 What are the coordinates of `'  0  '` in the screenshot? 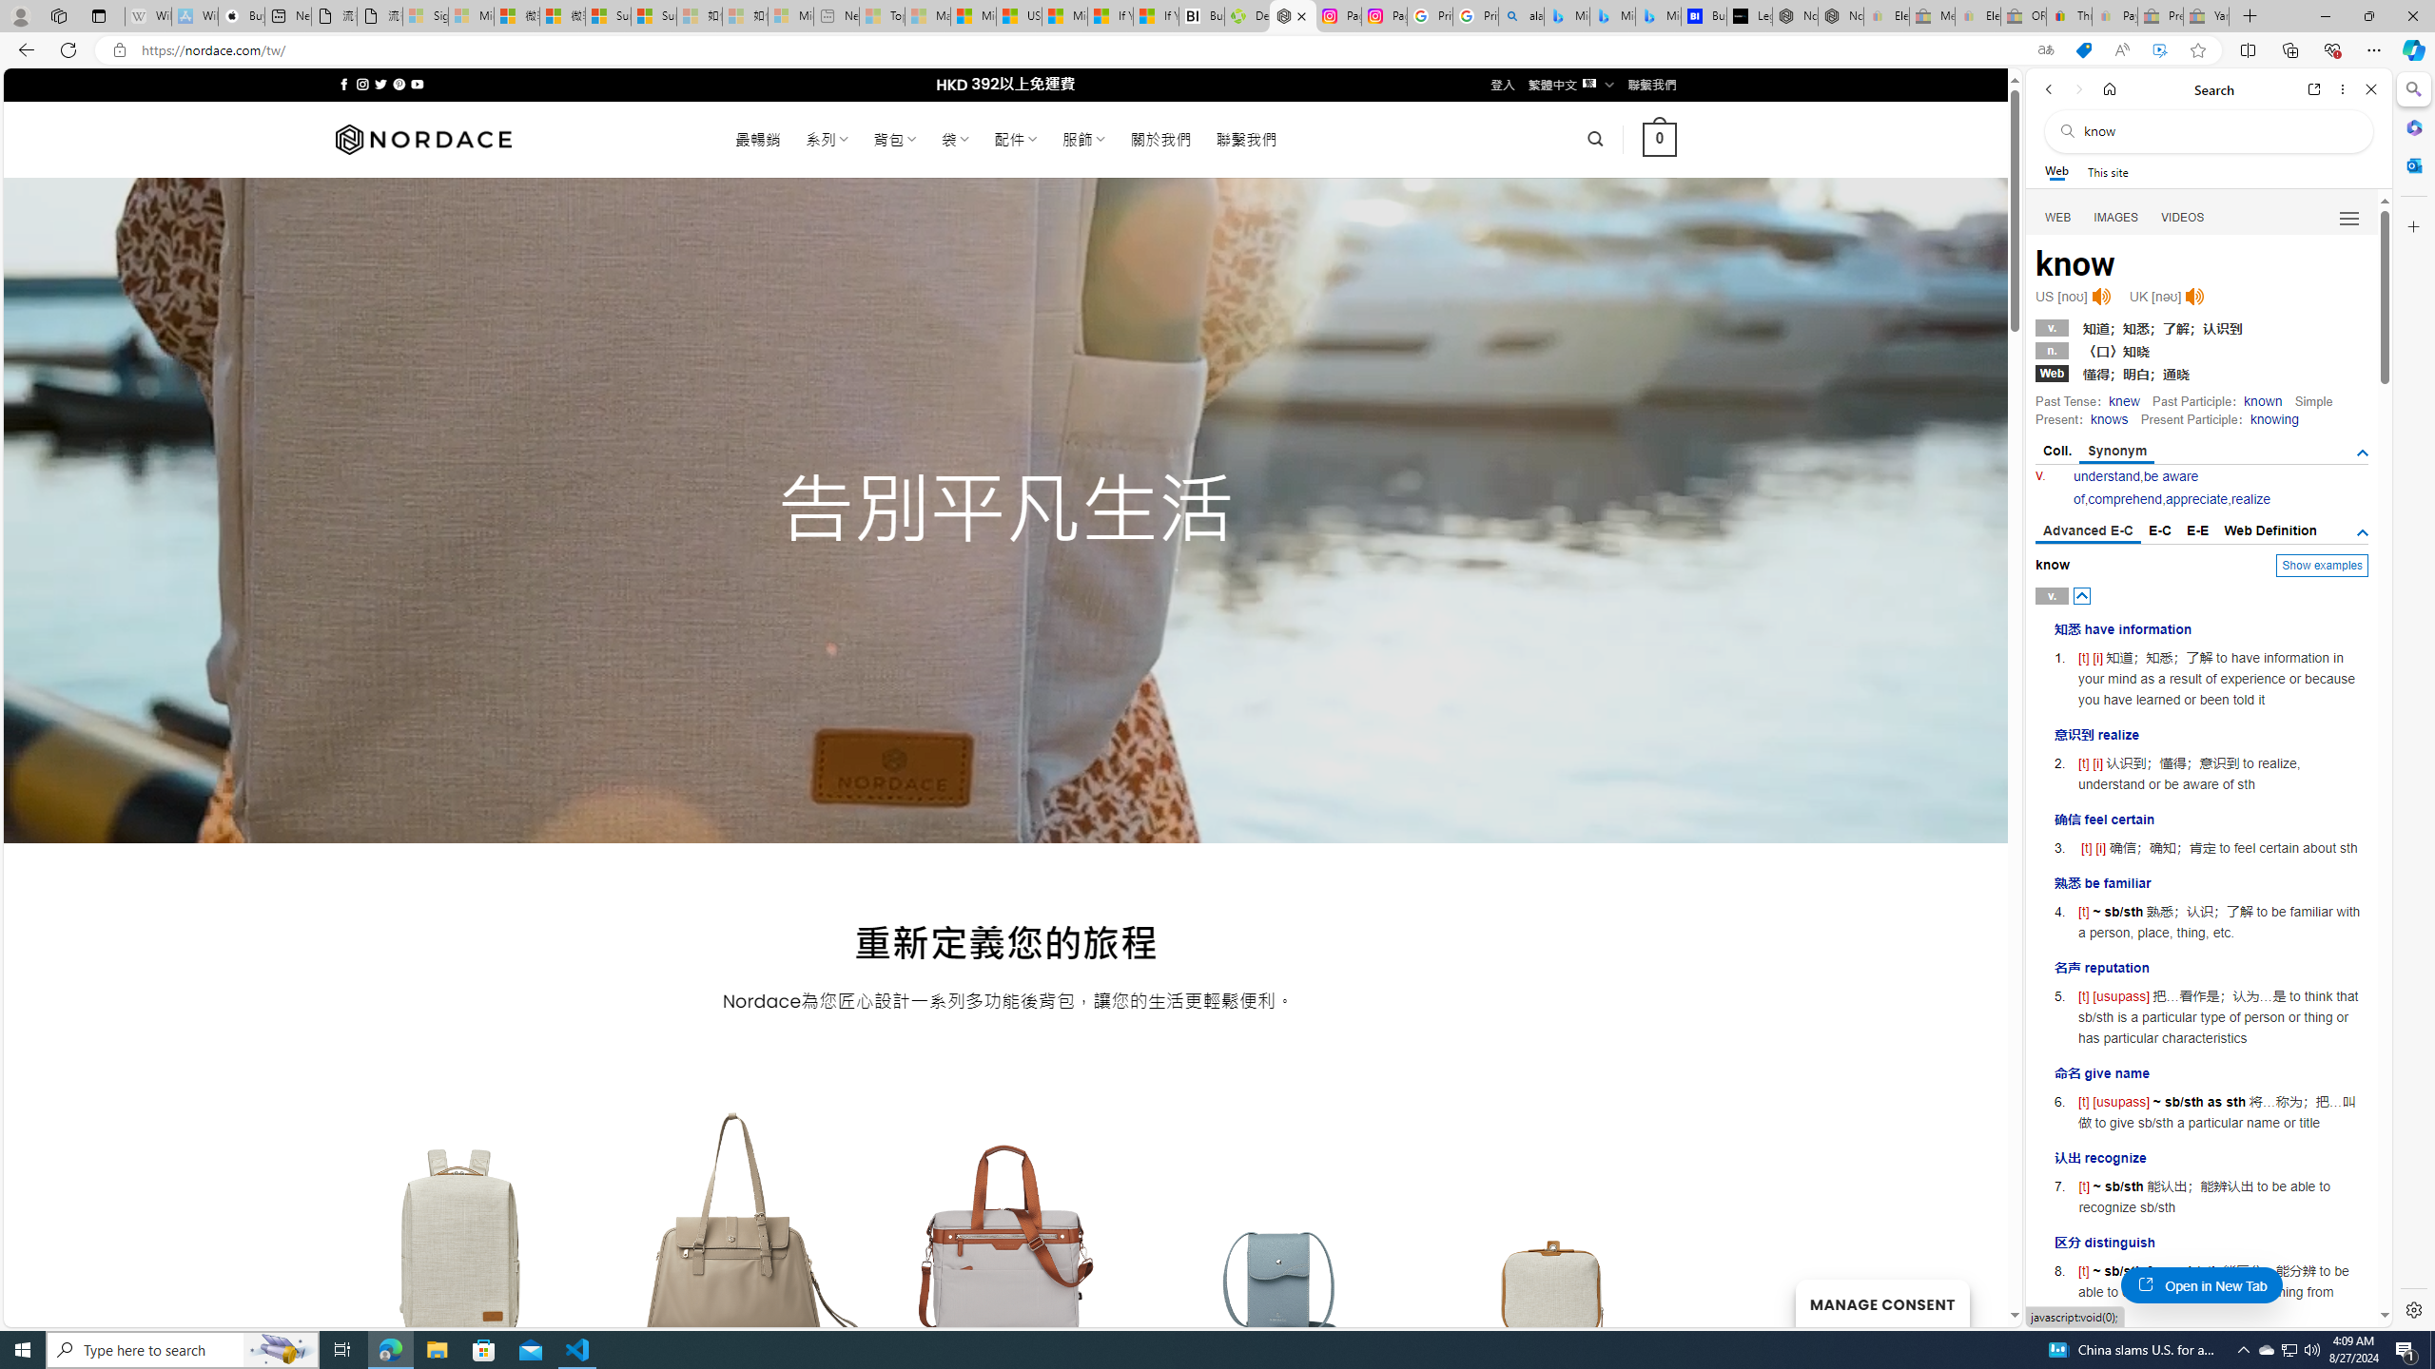 It's located at (1659, 138).